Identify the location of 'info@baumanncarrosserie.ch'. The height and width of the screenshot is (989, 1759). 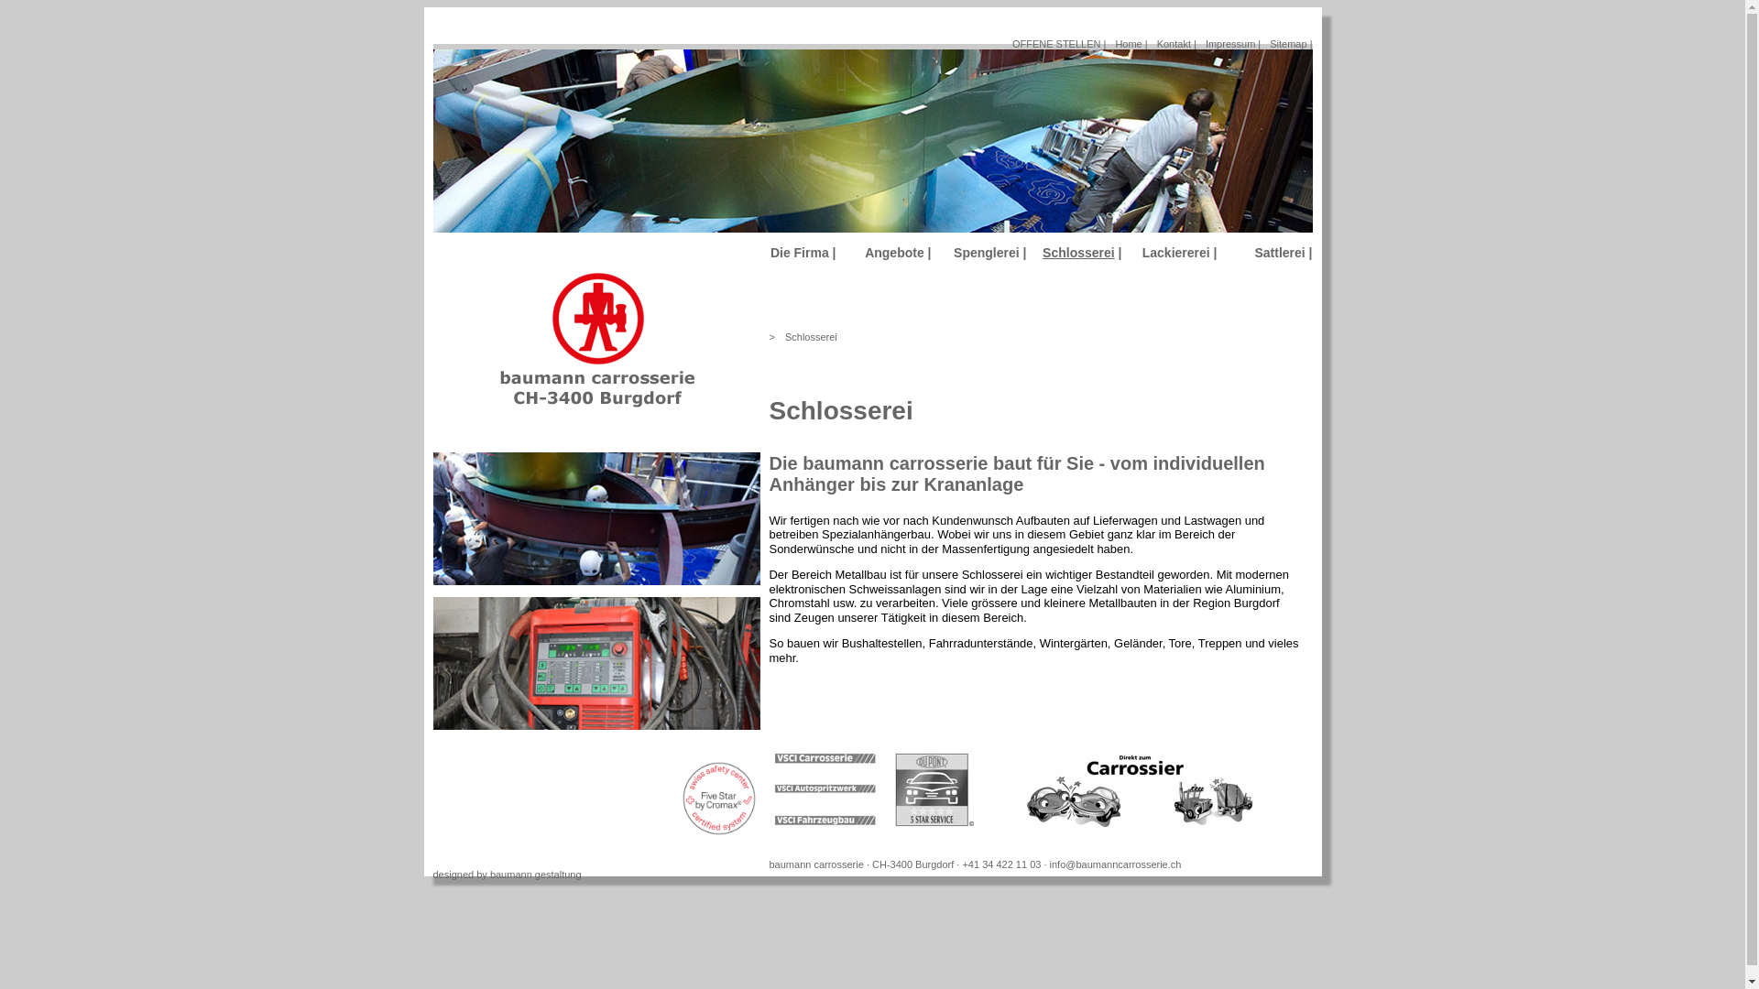
(1115, 864).